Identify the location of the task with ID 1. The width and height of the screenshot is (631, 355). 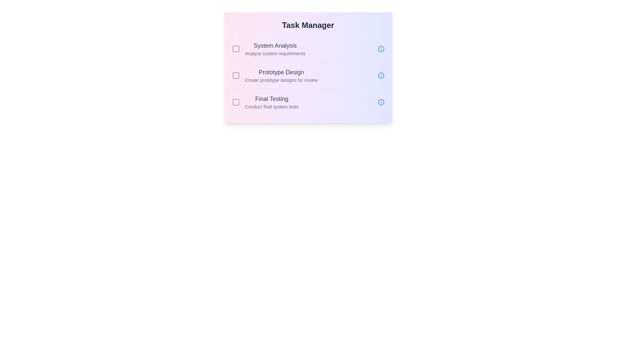
(236, 49).